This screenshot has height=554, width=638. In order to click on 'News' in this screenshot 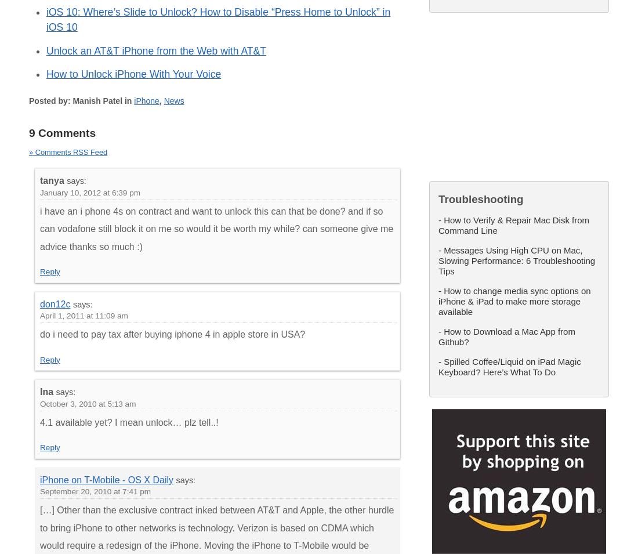, I will do `click(173, 100)`.